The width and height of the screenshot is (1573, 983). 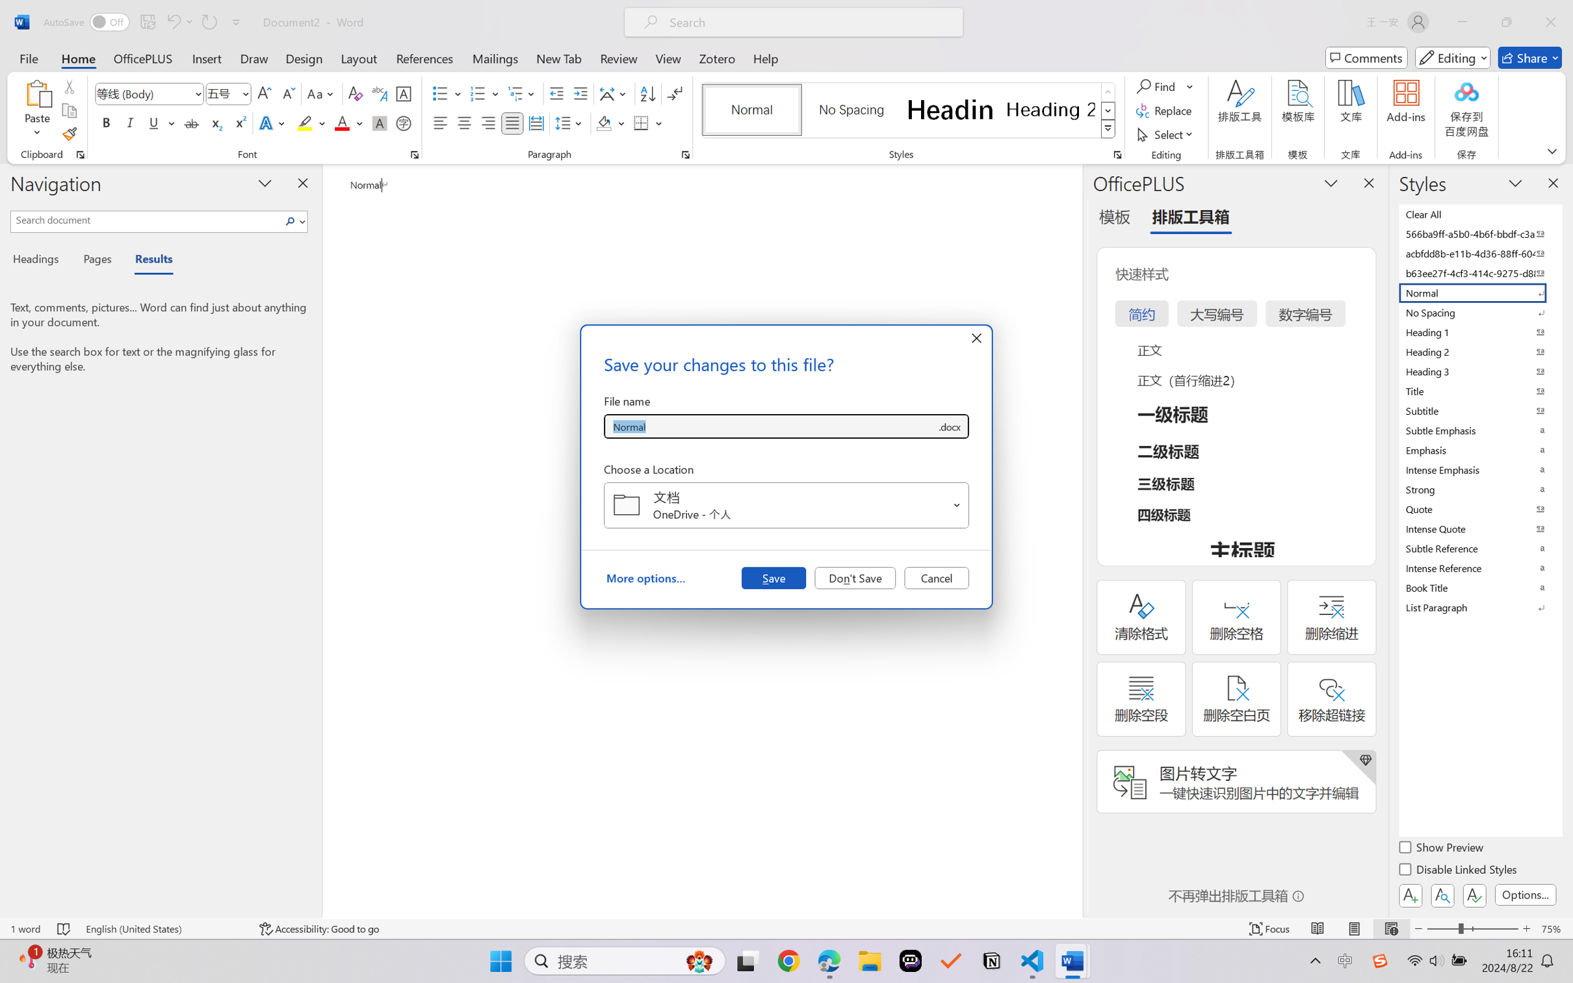 What do you see at coordinates (1524, 894) in the screenshot?
I see `'Options...'` at bounding box center [1524, 894].